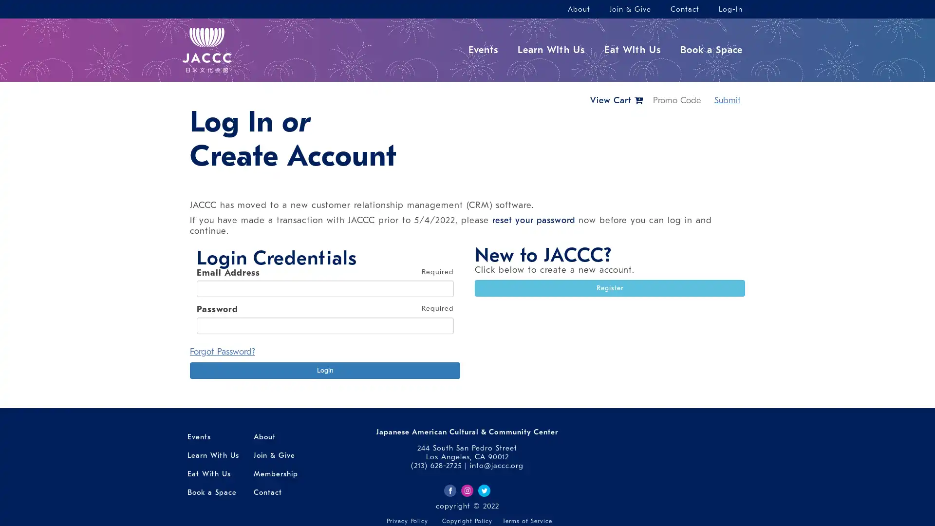 Image resolution: width=935 pixels, height=526 pixels. Describe the element at coordinates (727, 100) in the screenshot. I see `Submit` at that location.